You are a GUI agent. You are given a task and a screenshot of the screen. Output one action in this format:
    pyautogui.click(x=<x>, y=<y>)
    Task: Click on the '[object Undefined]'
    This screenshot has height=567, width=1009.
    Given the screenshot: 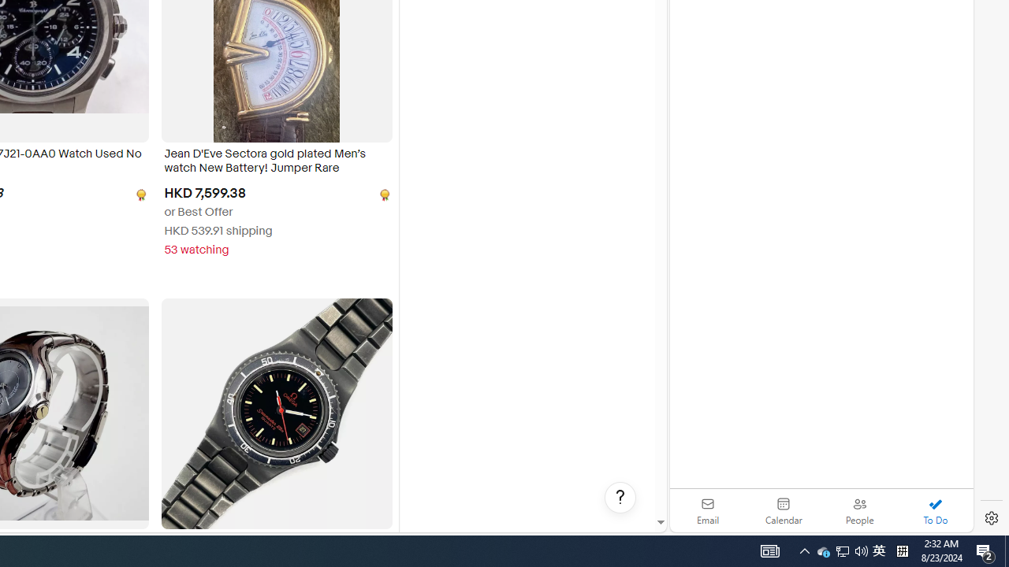 What is the action you would take?
    pyautogui.click(x=383, y=194)
    